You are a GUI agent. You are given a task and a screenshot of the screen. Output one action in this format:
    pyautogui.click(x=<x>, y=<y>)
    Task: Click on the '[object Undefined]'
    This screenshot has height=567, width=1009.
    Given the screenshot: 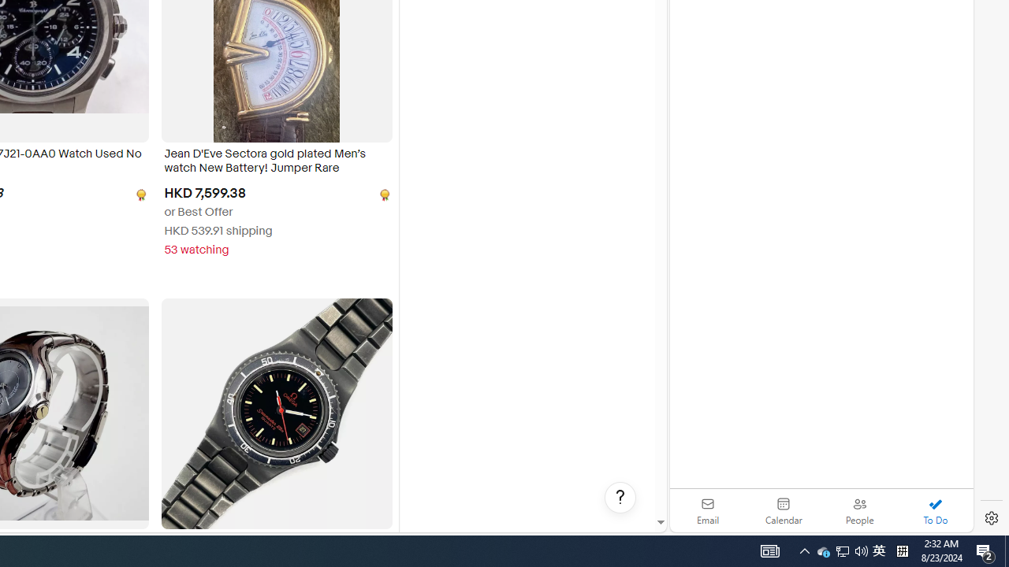 What is the action you would take?
    pyautogui.click(x=383, y=194)
    